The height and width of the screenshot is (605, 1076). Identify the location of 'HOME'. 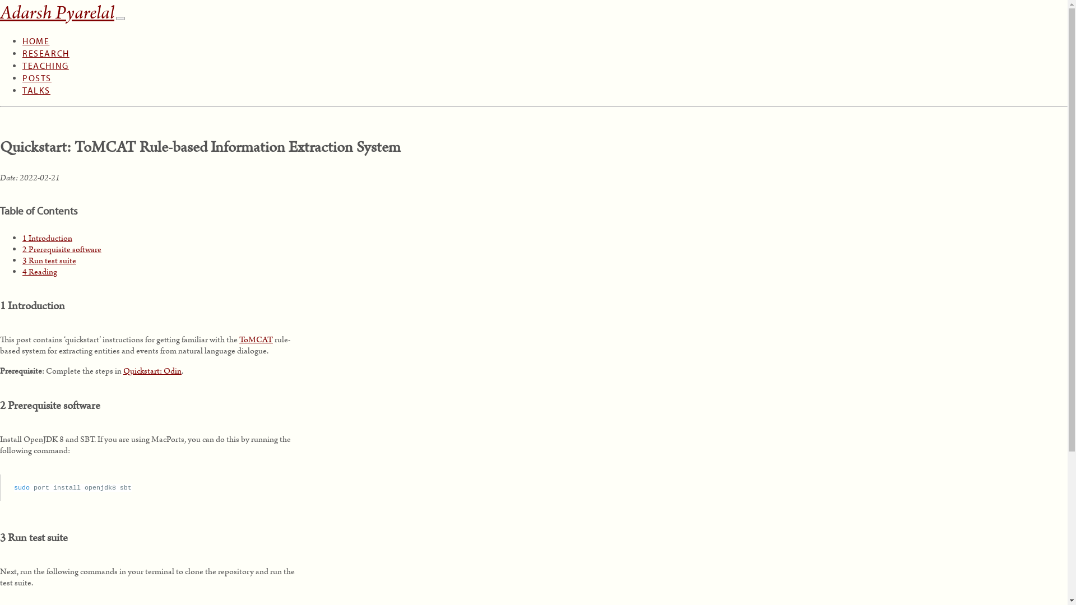
(35, 30).